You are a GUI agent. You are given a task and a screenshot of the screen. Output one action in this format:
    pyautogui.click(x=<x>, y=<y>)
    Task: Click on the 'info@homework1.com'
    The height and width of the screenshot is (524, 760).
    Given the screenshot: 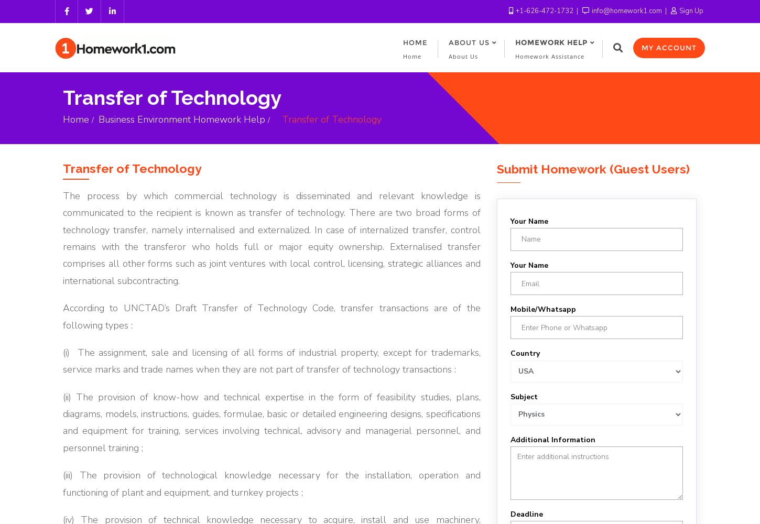 What is the action you would take?
    pyautogui.click(x=625, y=11)
    